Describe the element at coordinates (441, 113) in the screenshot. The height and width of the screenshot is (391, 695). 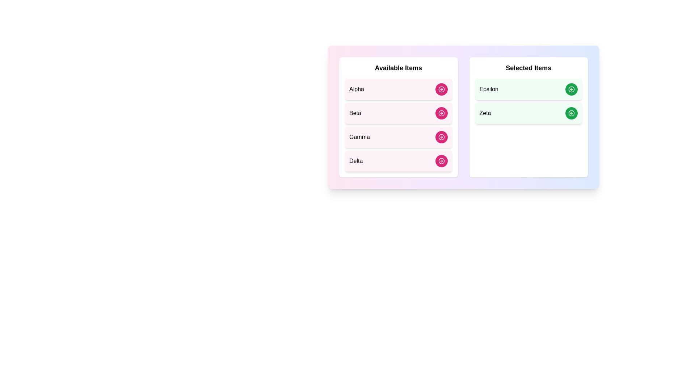
I see `transfer button for the item Beta in the 'Available Items' list` at that location.